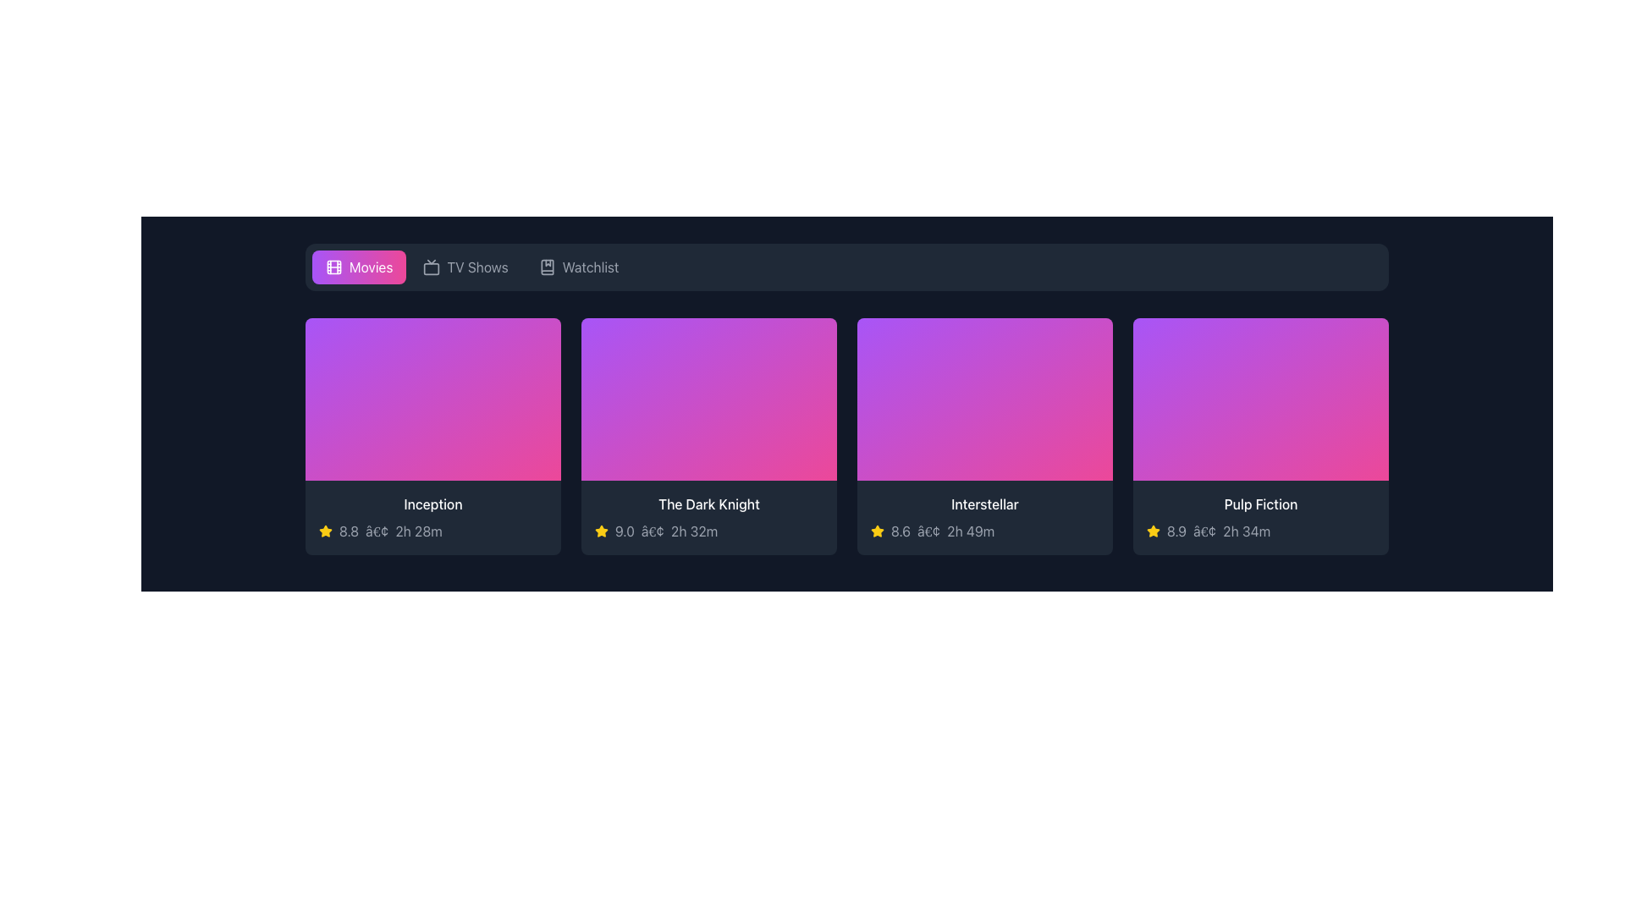 The width and height of the screenshot is (1625, 914). What do you see at coordinates (928, 531) in the screenshot?
I see `the text display element that serves as a separator between the rating '8.6' and the duration '2h 49m' in the film information bar` at bounding box center [928, 531].